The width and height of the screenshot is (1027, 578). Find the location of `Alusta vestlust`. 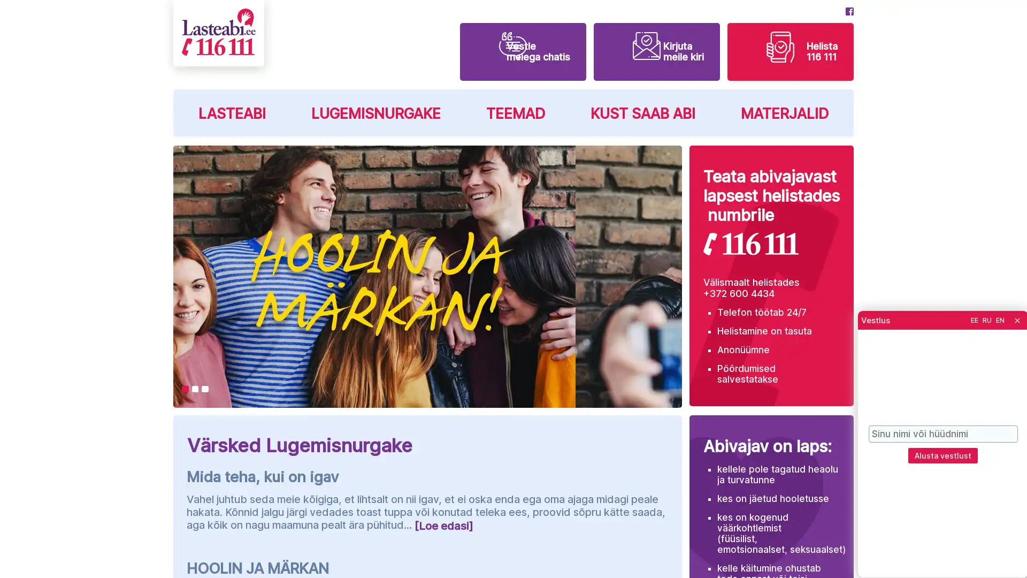

Alusta vestlust is located at coordinates (942, 455).